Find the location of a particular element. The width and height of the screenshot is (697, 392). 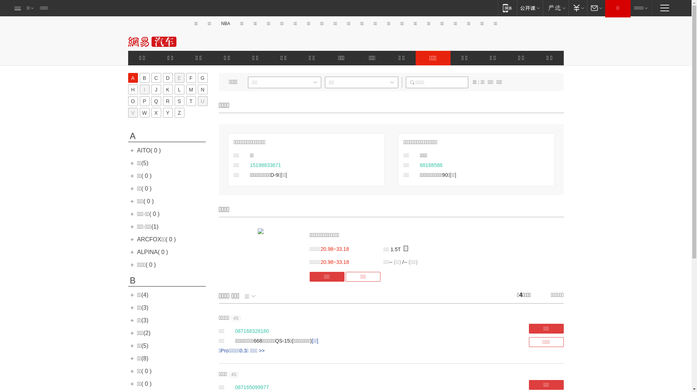

'O' is located at coordinates (133, 101).